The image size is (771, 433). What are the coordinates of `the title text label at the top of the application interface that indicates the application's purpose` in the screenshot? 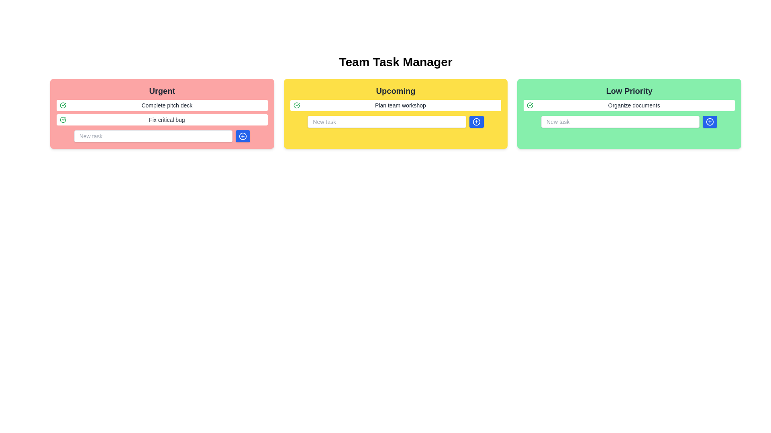 It's located at (396, 61).